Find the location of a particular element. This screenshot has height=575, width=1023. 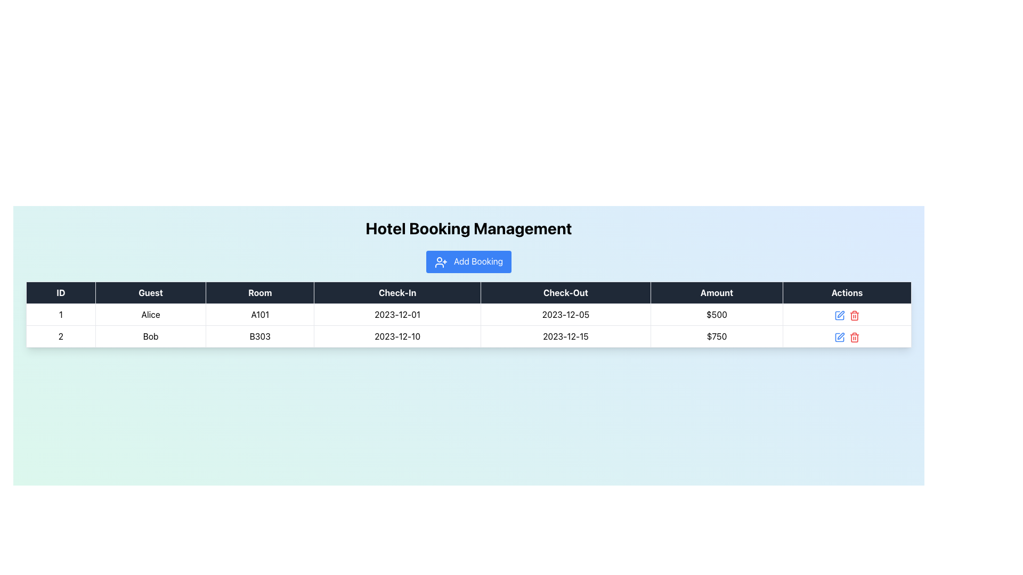

the check-out date text for the booking entry labeled 'Alice', located in the fourth column under the 'Check-Out' header is located at coordinates (565, 314).